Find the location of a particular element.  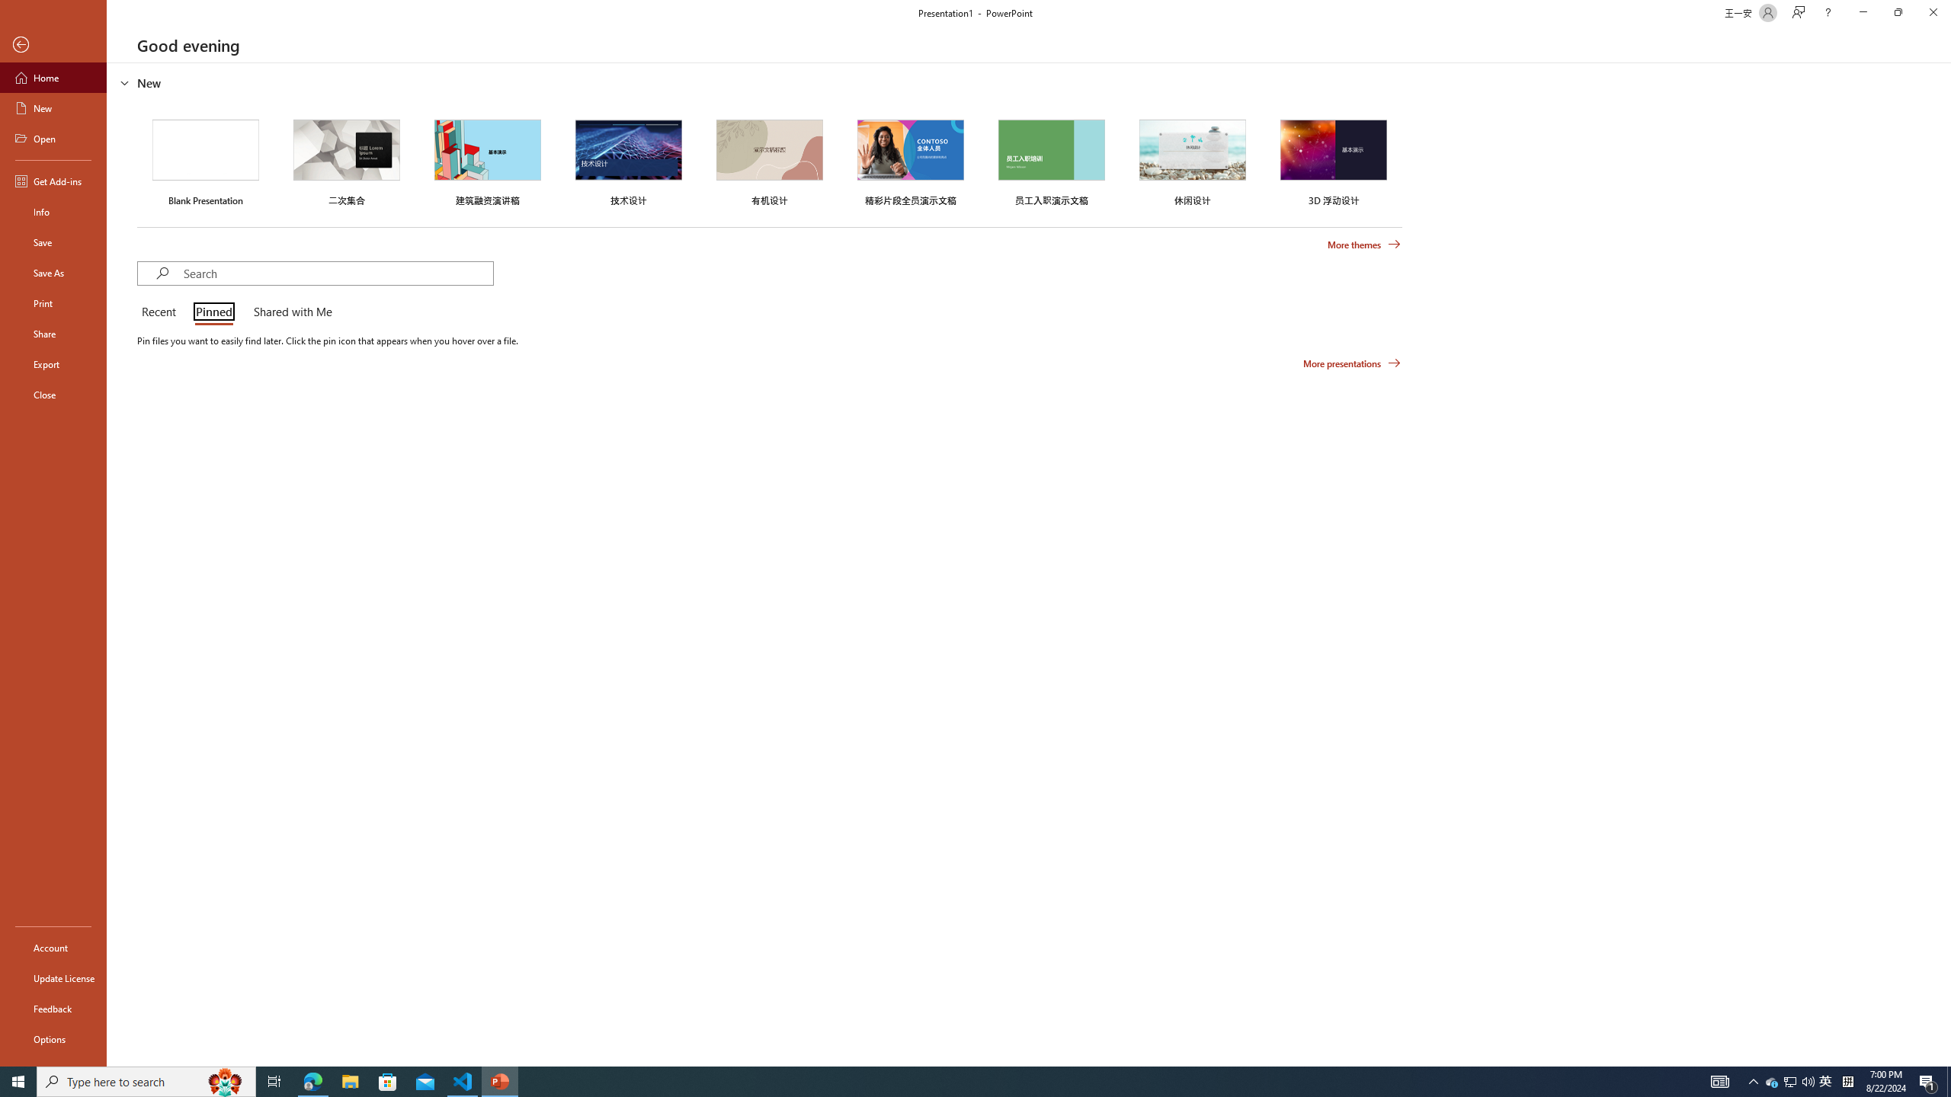

'Class: NetUIScrollBar' is located at coordinates (1944, 564).